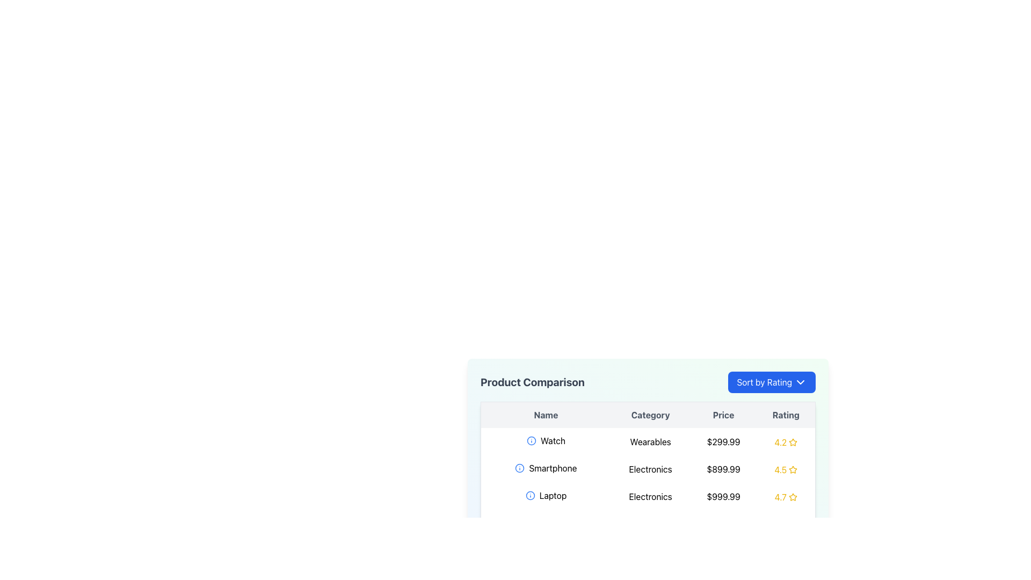  I want to click on text label displaying 'Wearables' located under the 'Category' column in the table, positioned between 'Watch' and '$299.99', so click(650, 441).